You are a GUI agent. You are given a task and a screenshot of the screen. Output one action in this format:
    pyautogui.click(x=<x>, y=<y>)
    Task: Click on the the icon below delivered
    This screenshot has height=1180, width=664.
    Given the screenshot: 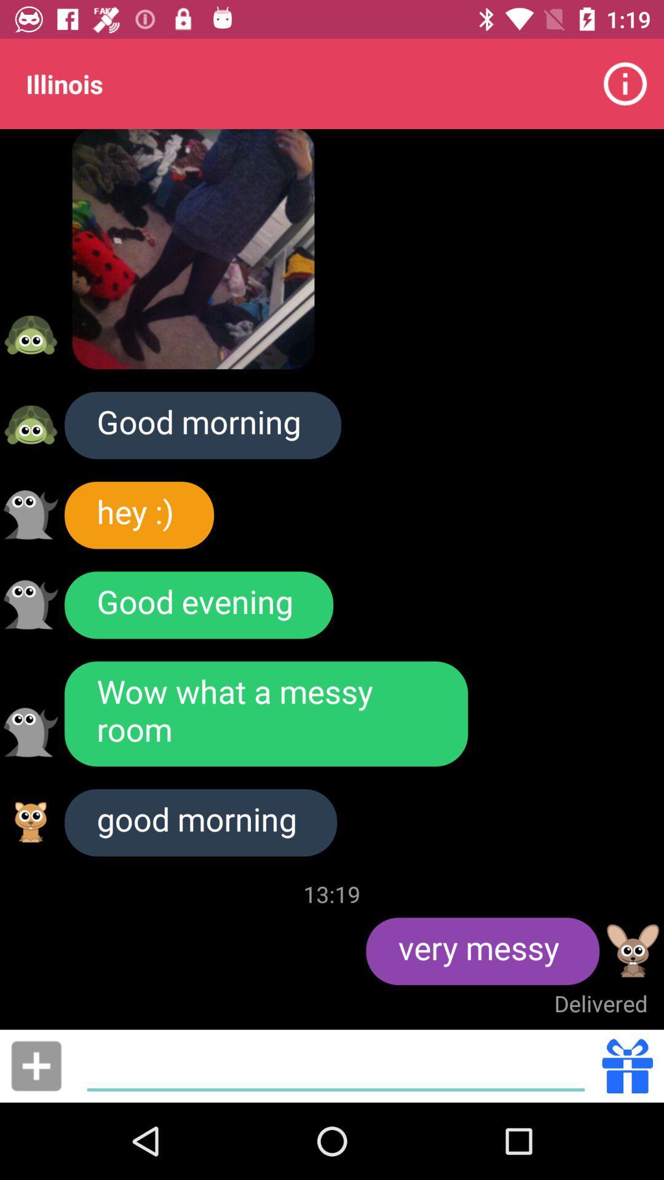 What is the action you would take?
    pyautogui.click(x=336, y=1065)
    